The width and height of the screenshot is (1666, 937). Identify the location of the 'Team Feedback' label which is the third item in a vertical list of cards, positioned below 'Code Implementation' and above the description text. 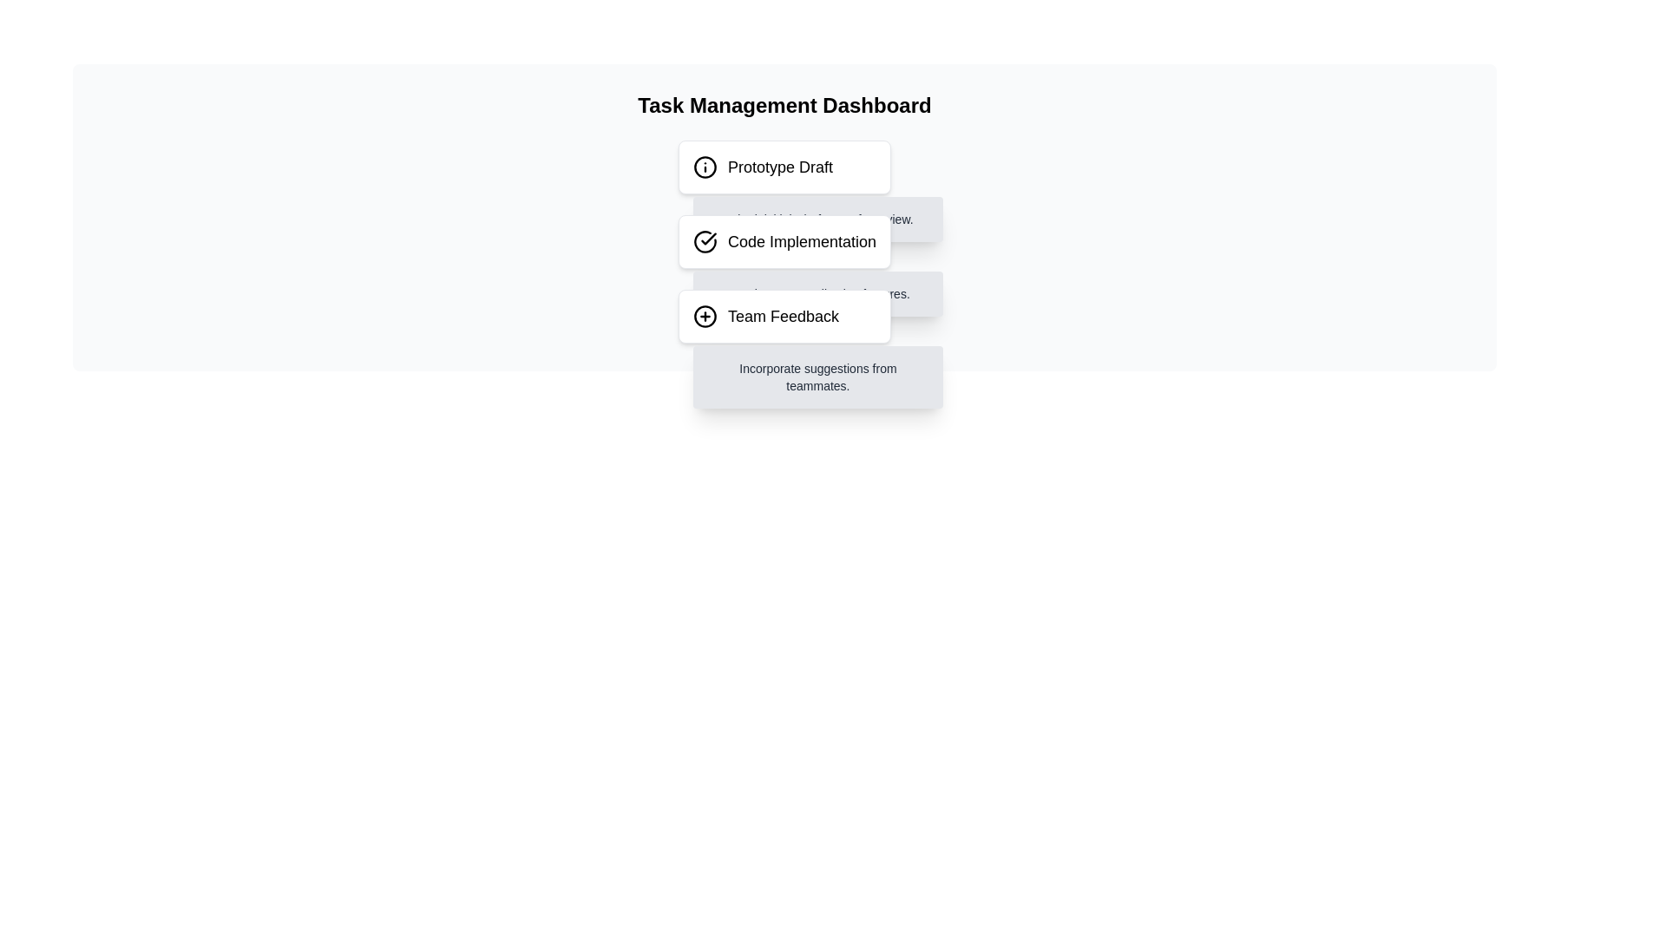
(784, 317).